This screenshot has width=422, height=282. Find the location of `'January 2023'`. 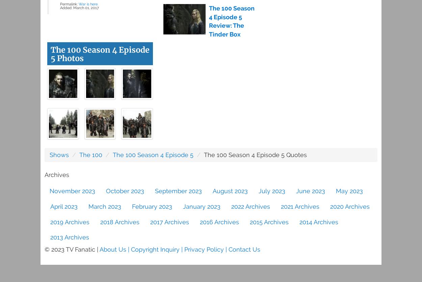

'January 2023' is located at coordinates (201, 206).